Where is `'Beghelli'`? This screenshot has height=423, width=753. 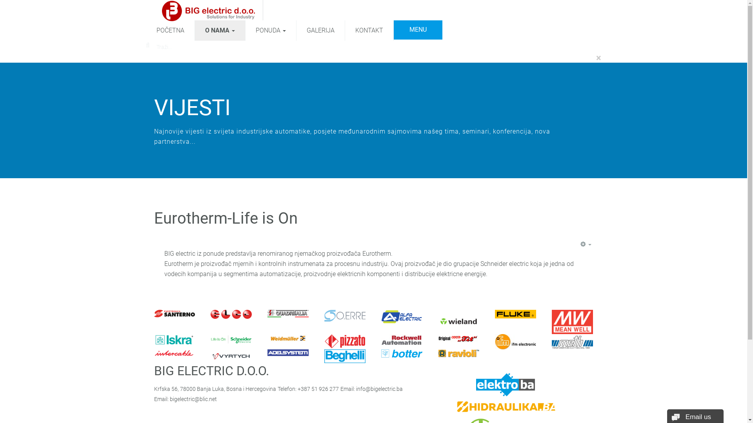 'Beghelli' is located at coordinates (345, 356).